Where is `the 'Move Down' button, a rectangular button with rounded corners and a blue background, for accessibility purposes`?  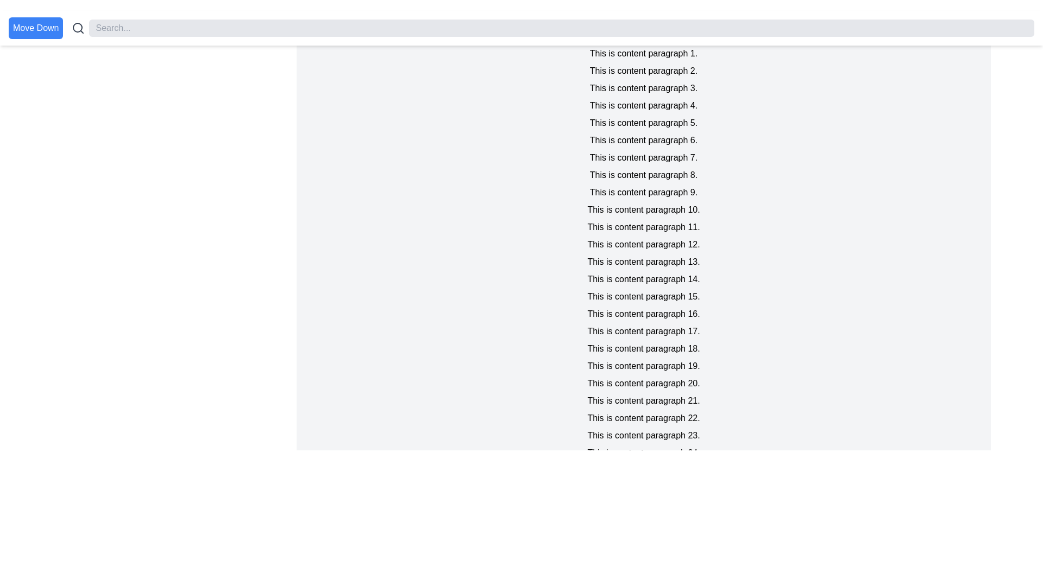 the 'Move Down' button, a rectangular button with rounded corners and a blue background, for accessibility purposes is located at coordinates (36, 27).